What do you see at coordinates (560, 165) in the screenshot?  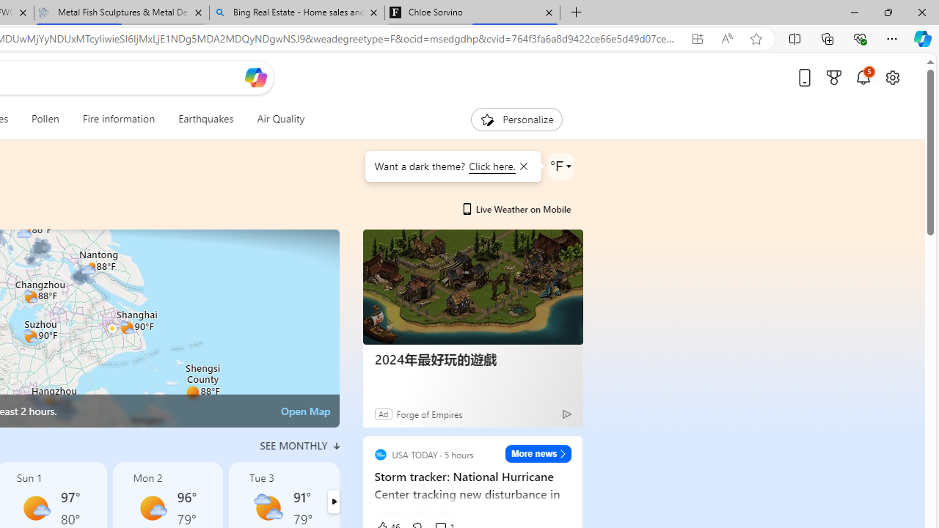 I see `'Weather settings'` at bounding box center [560, 165].